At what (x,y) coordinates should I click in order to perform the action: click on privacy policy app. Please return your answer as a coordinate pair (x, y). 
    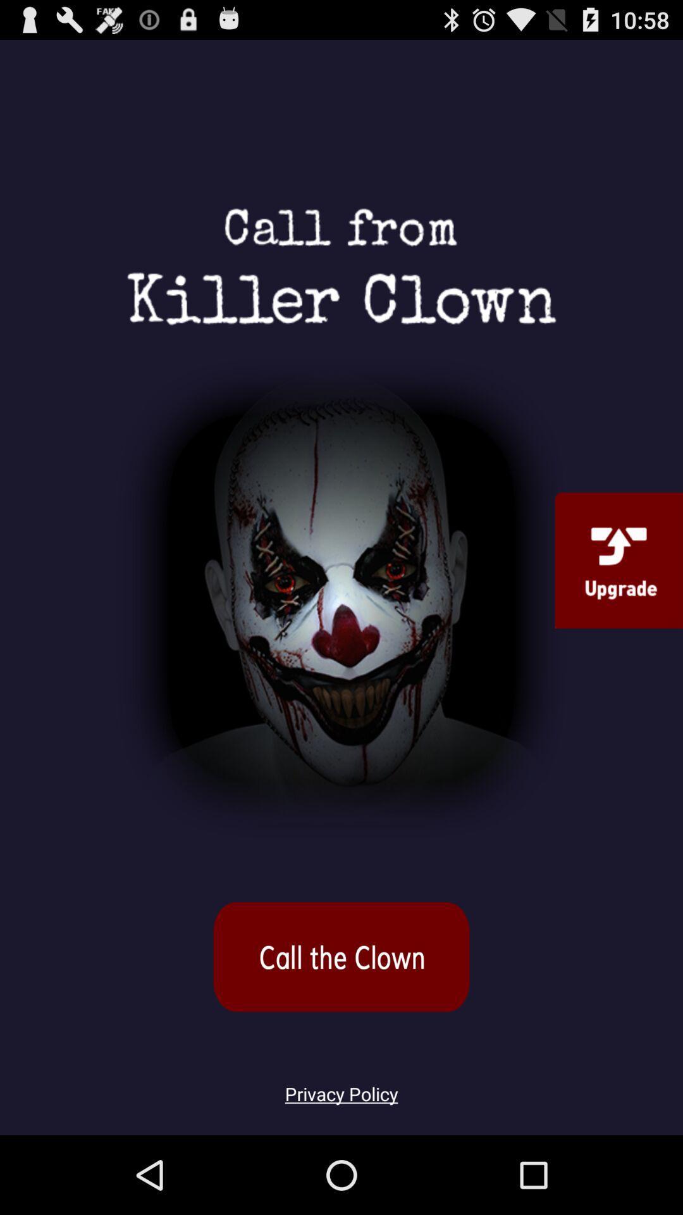
    Looking at the image, I should click on (341, 1086).